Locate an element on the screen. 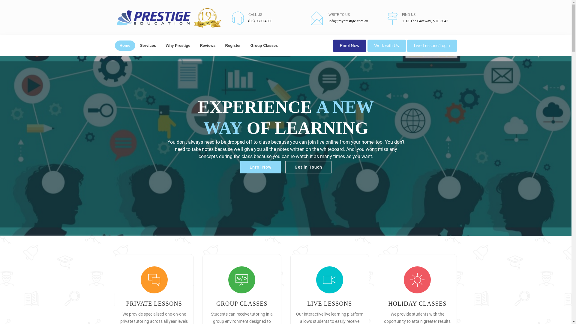  'WRITE TO US' is located at coordinates (339, 14).